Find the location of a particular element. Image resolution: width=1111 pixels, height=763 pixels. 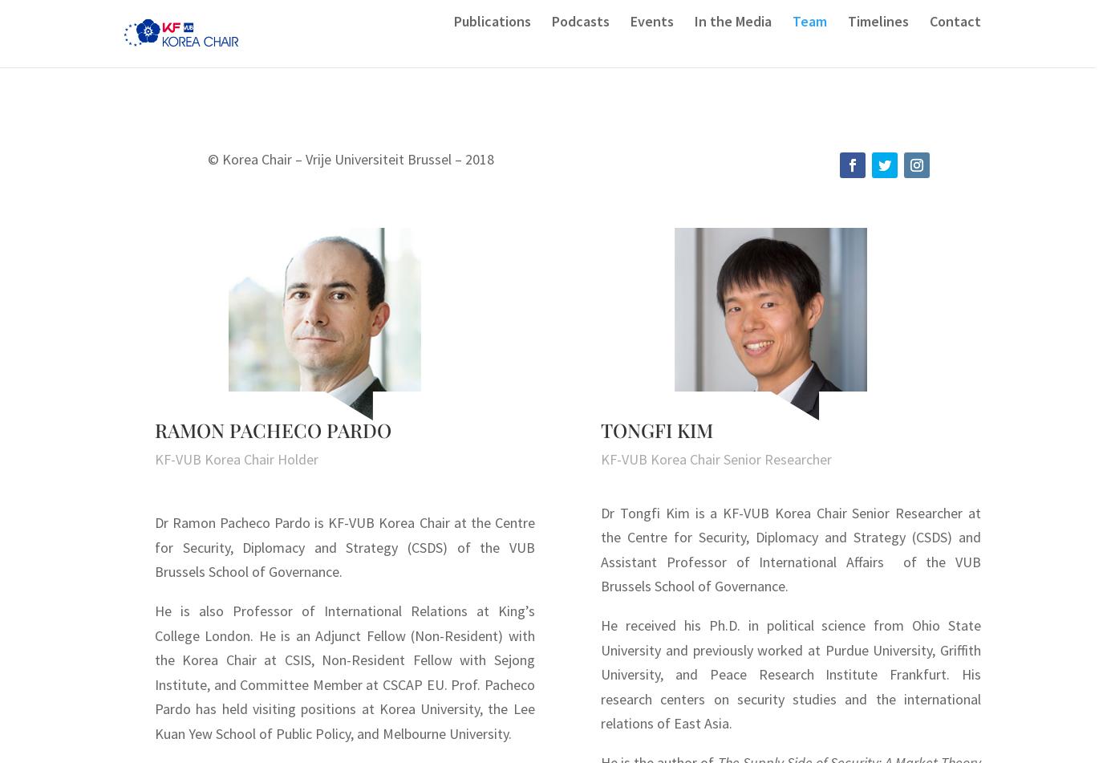

'TONGFI KIM' is located at coordinates (656, 428).